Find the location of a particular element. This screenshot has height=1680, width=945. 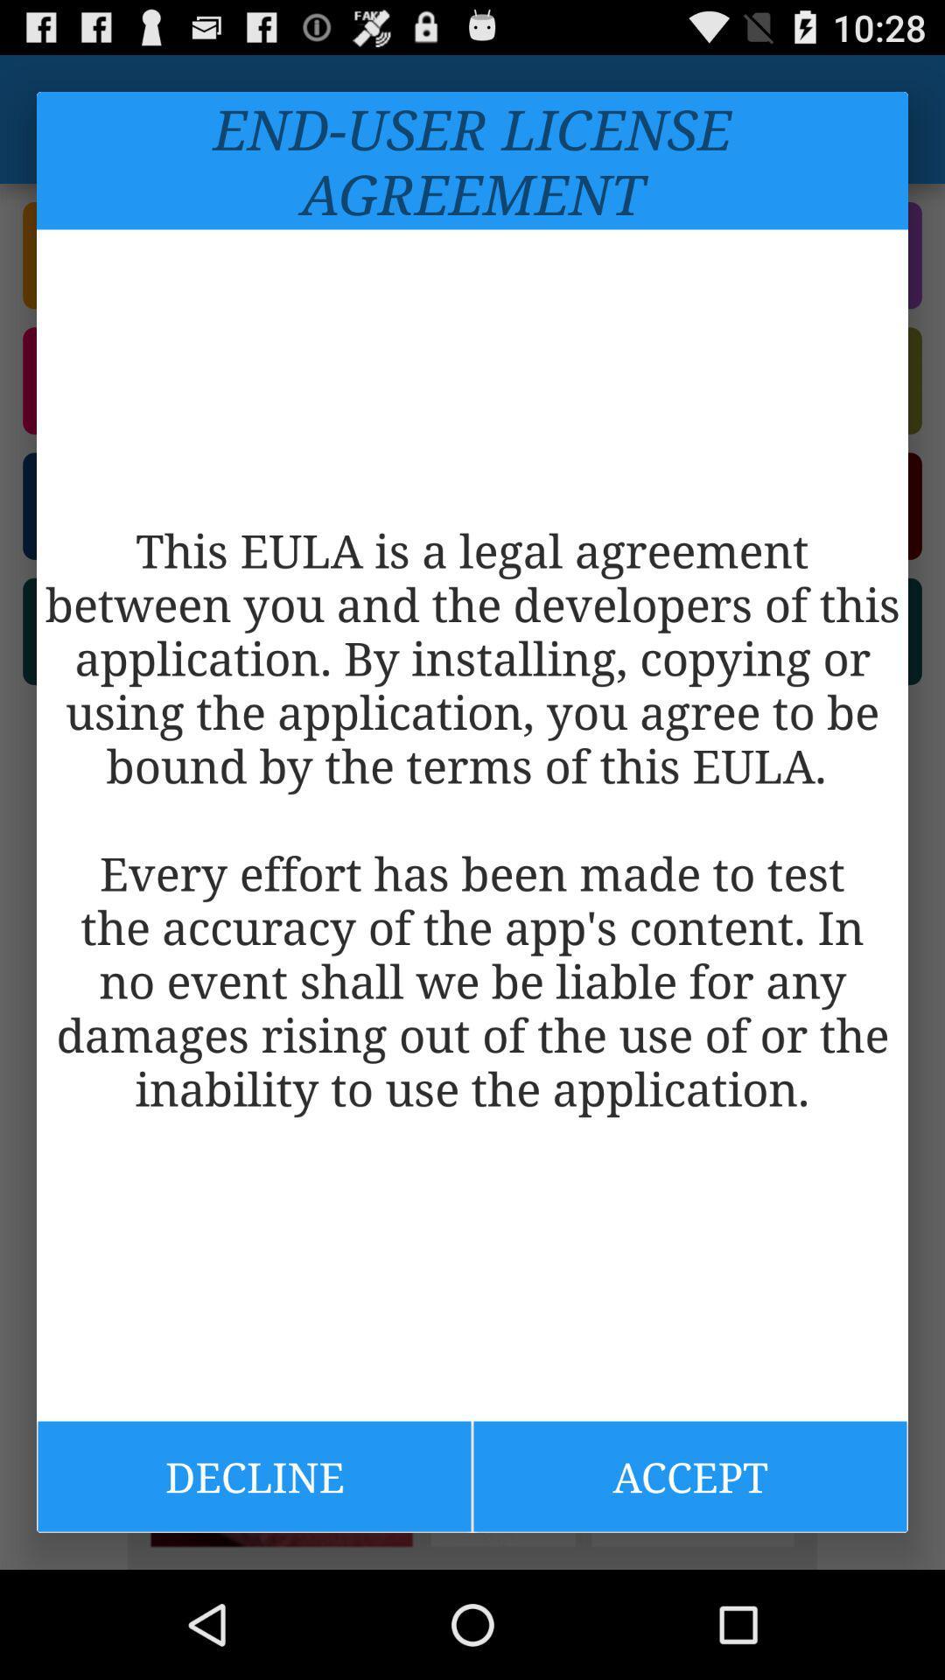

accept is located at coordinates (689, 1475).